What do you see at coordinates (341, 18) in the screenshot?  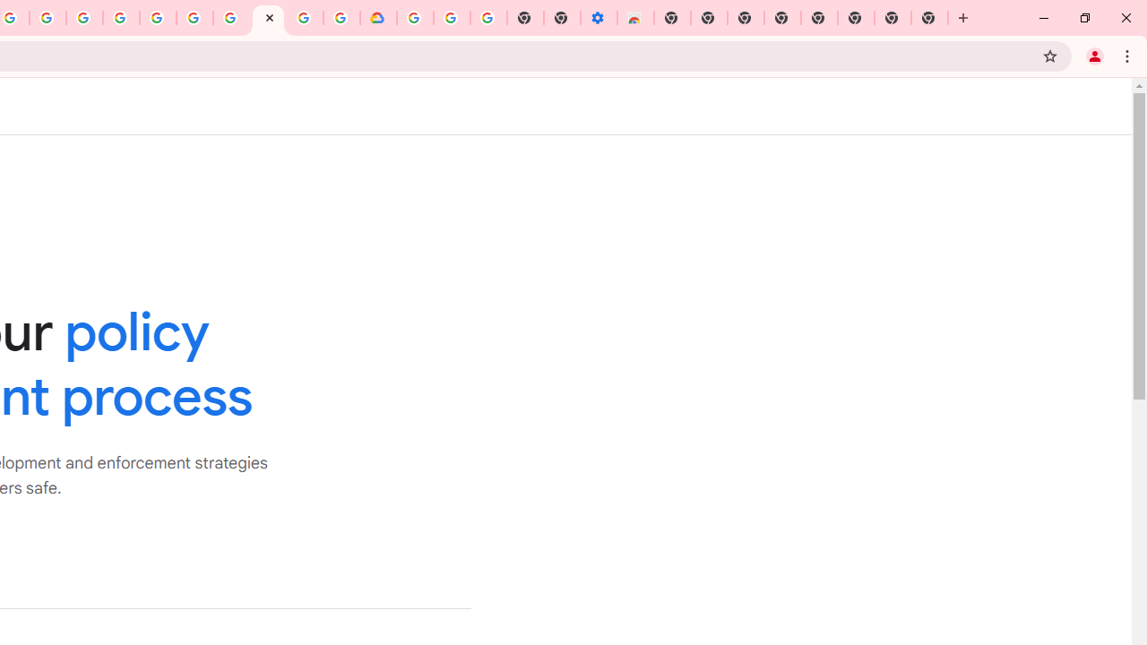 I see `'Browse the Google Chrome Community - Google Chrome Community'` at bounding box center [341, 18].